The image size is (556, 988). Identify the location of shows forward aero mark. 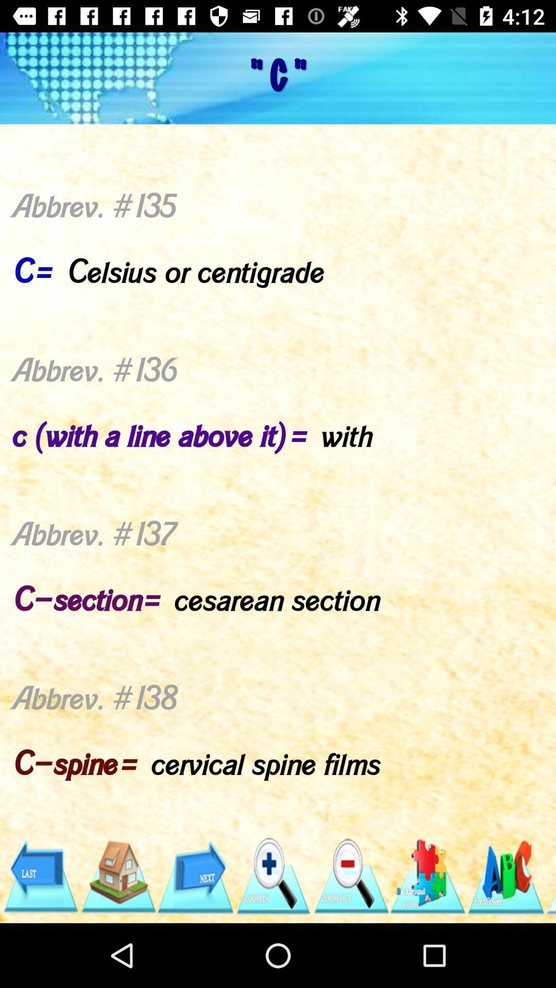
(195, 876).